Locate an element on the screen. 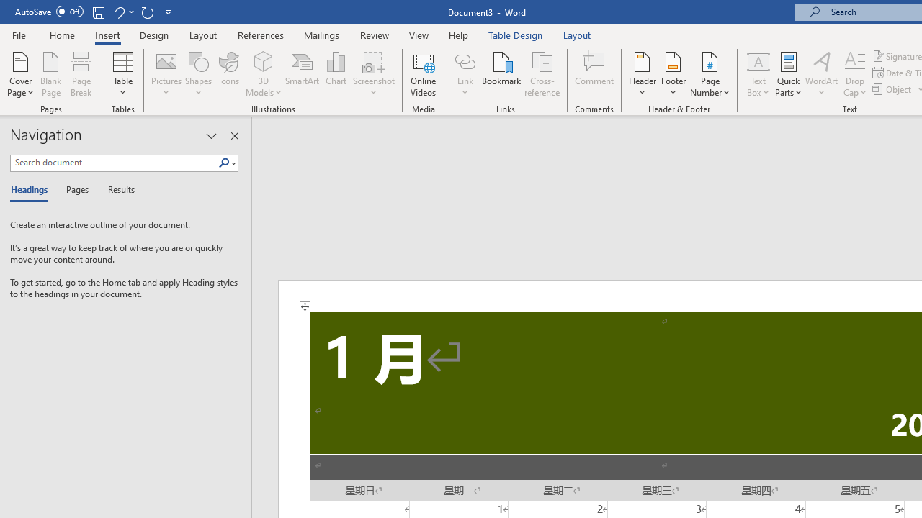  'Cross-reference...' is located at coordinates (541, 74).